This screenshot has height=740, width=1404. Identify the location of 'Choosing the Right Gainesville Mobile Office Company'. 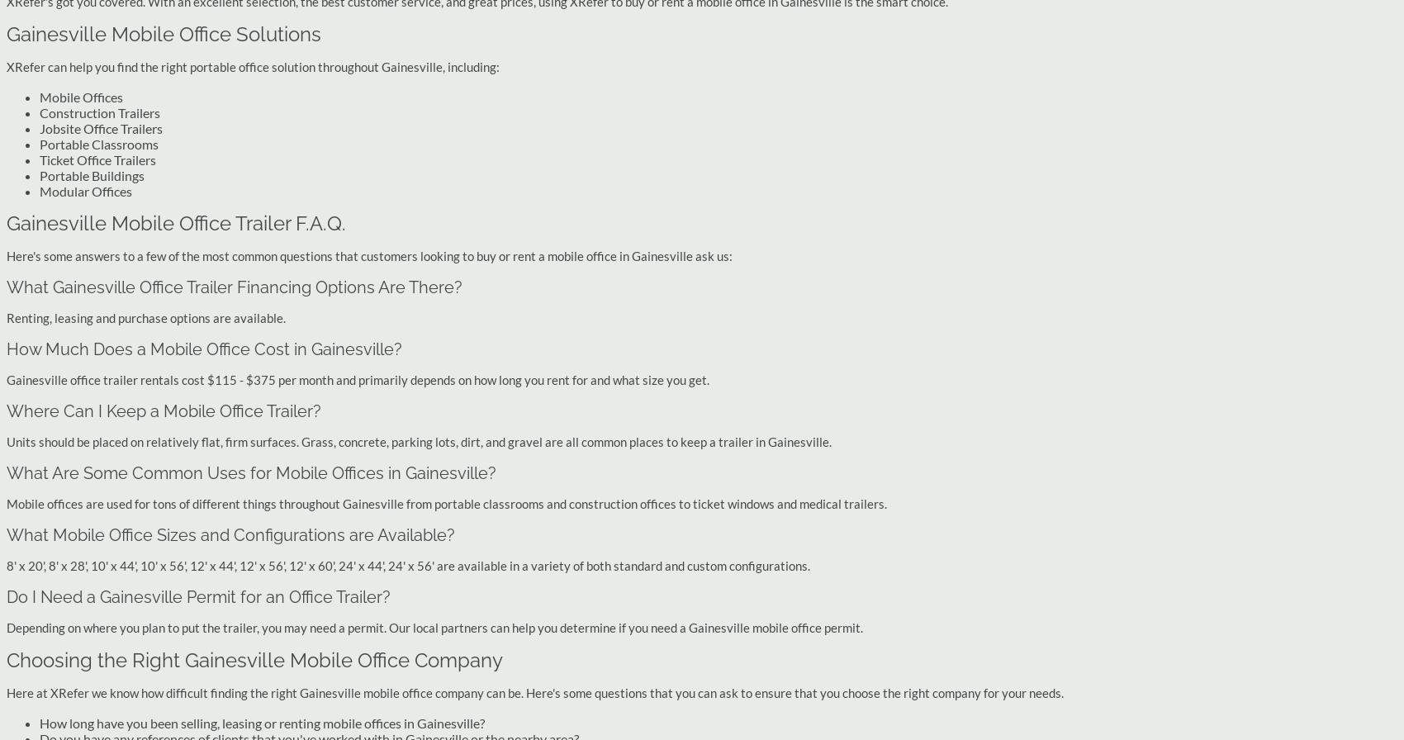
(254, 660).